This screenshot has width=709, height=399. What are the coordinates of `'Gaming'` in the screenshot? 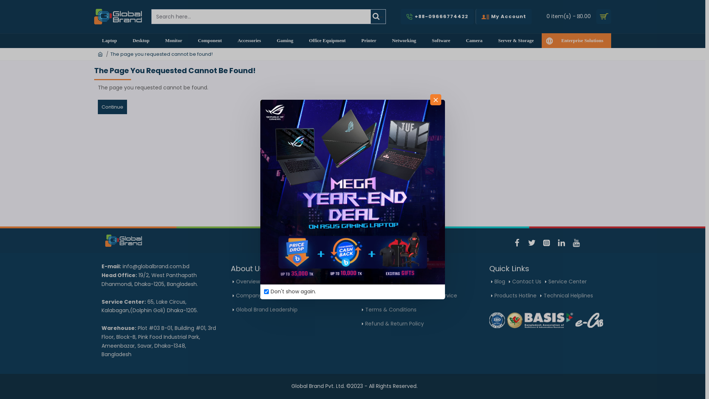 It's located at (284, 41).